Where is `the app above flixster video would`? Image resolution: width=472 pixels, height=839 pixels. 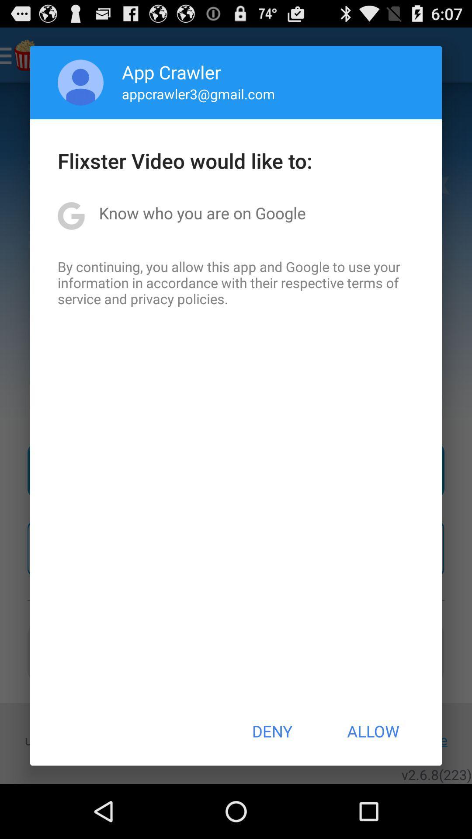 the app above flixster video would is located at coordinates (80, 82).